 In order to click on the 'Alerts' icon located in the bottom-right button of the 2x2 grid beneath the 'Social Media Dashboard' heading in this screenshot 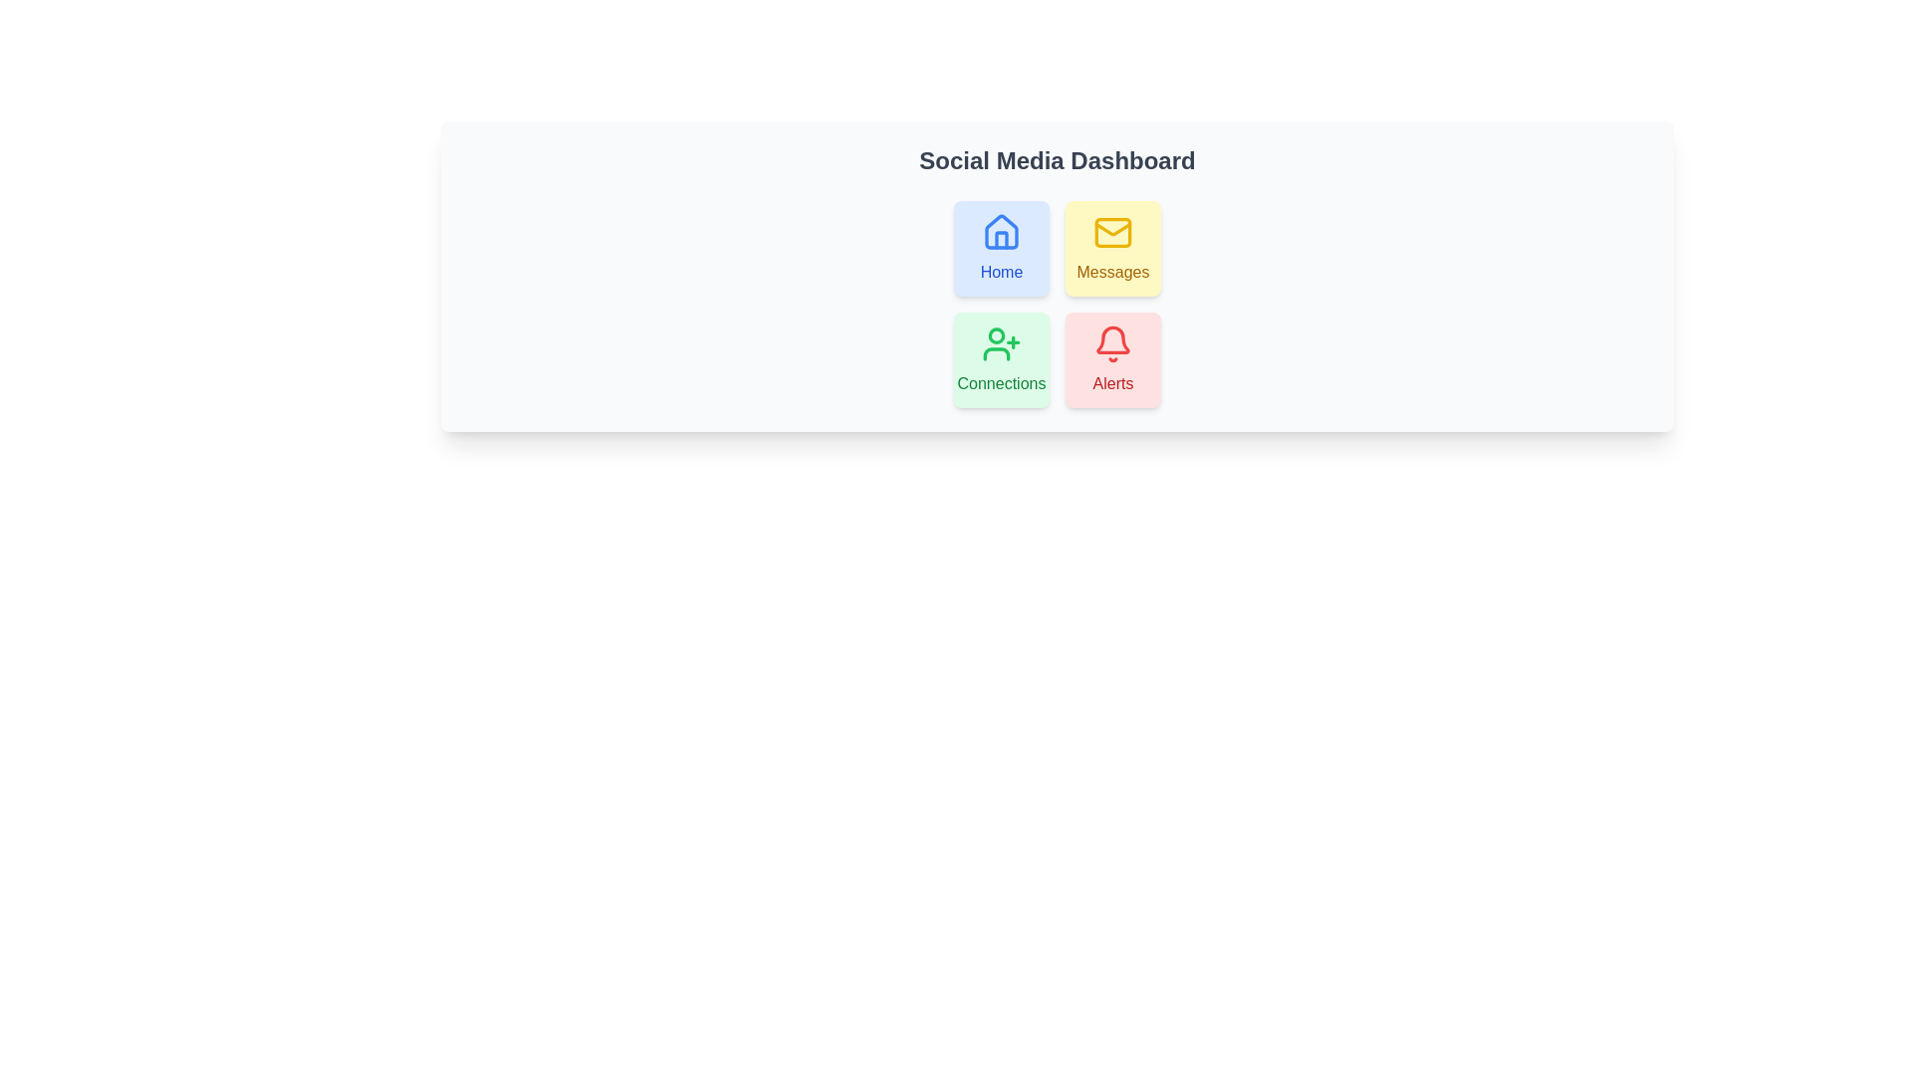, I will do `click(1112, 343)`.